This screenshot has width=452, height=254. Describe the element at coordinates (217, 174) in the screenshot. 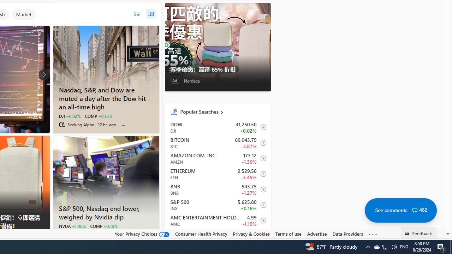

I see `'ETH Ethereum decrease 2,529.56 -87.30 -3.45% itemundefined'` at that location.